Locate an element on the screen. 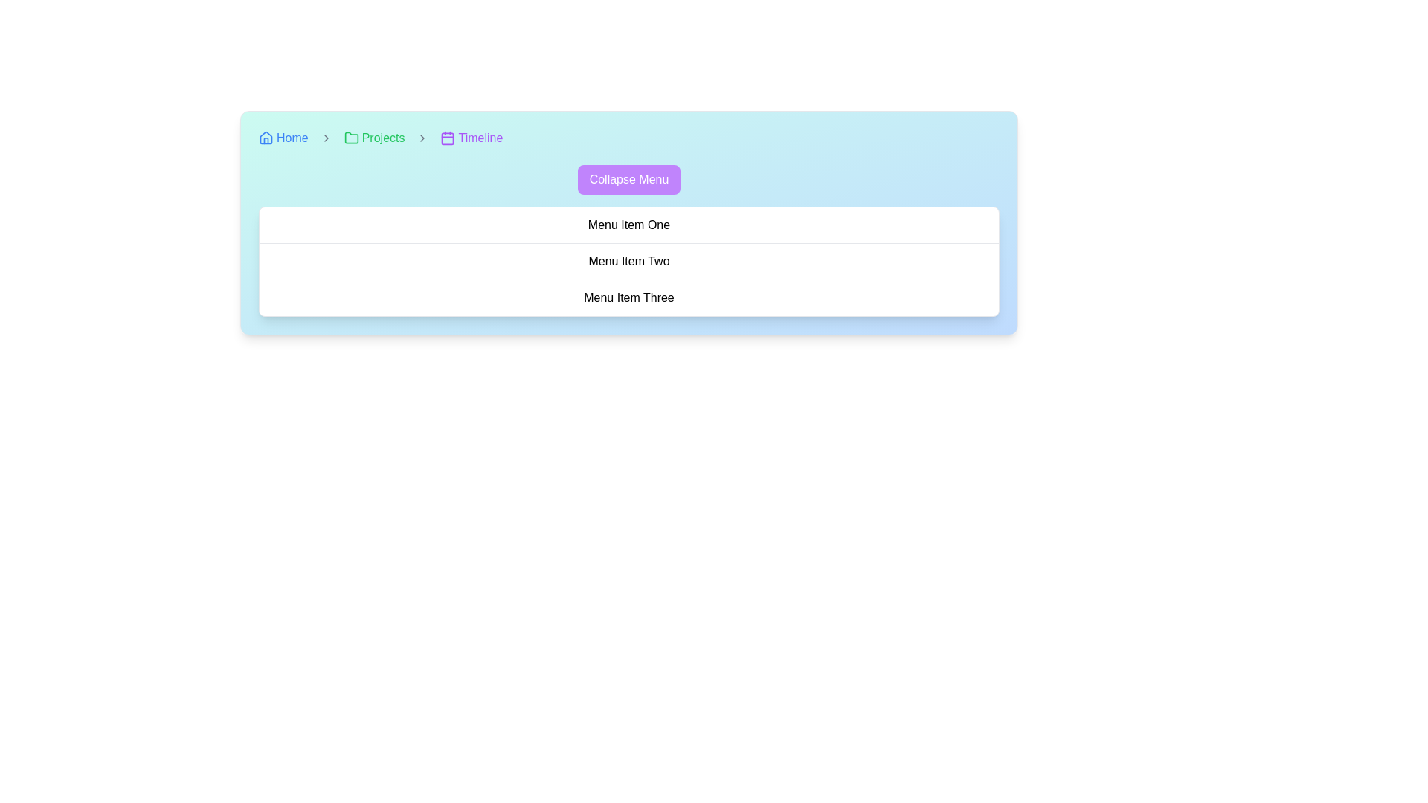  the small house-shaped icon with a blue stroke, which is part of the 'Home' hyperlink in the breadcrumb navigation is located at coordinates (266, 138).